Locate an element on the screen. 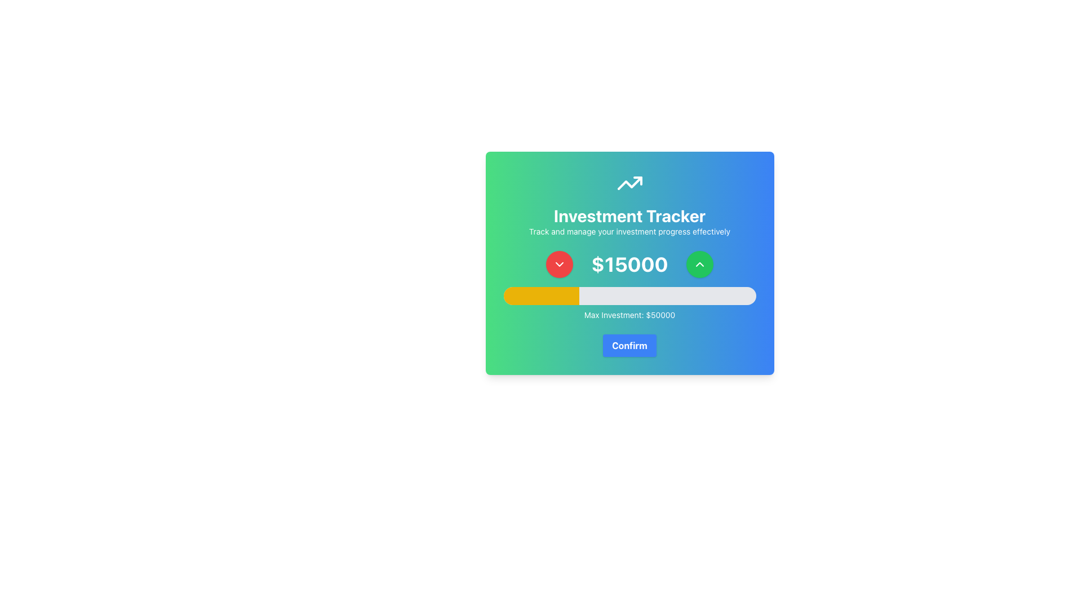 The width and height of the screenshot is (1082, 609). the confirmation button located at the bottom of the investment tracking panel, below the 'Max Investment: $50000' progress bar, to confirm the inputs is located at coordinates (629, 345).